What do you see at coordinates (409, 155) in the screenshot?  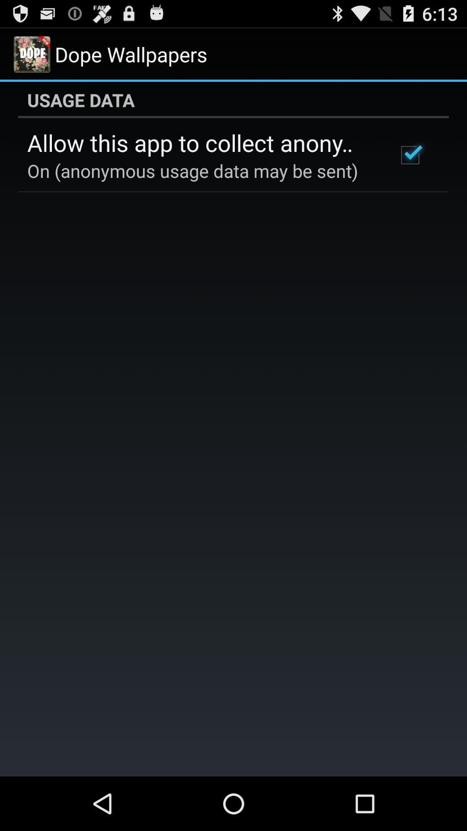 I see `the app next to the allow this app app` at bounding box center [409, 155].